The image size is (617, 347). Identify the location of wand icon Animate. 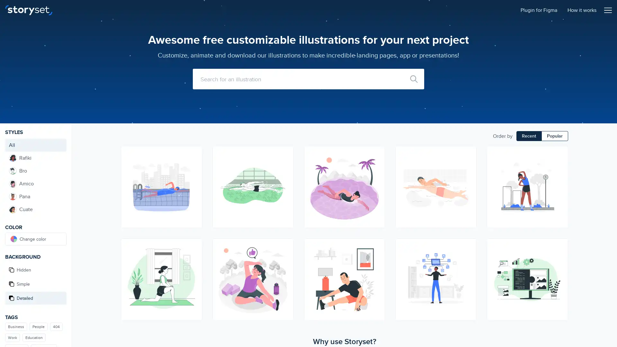
(559, 246).